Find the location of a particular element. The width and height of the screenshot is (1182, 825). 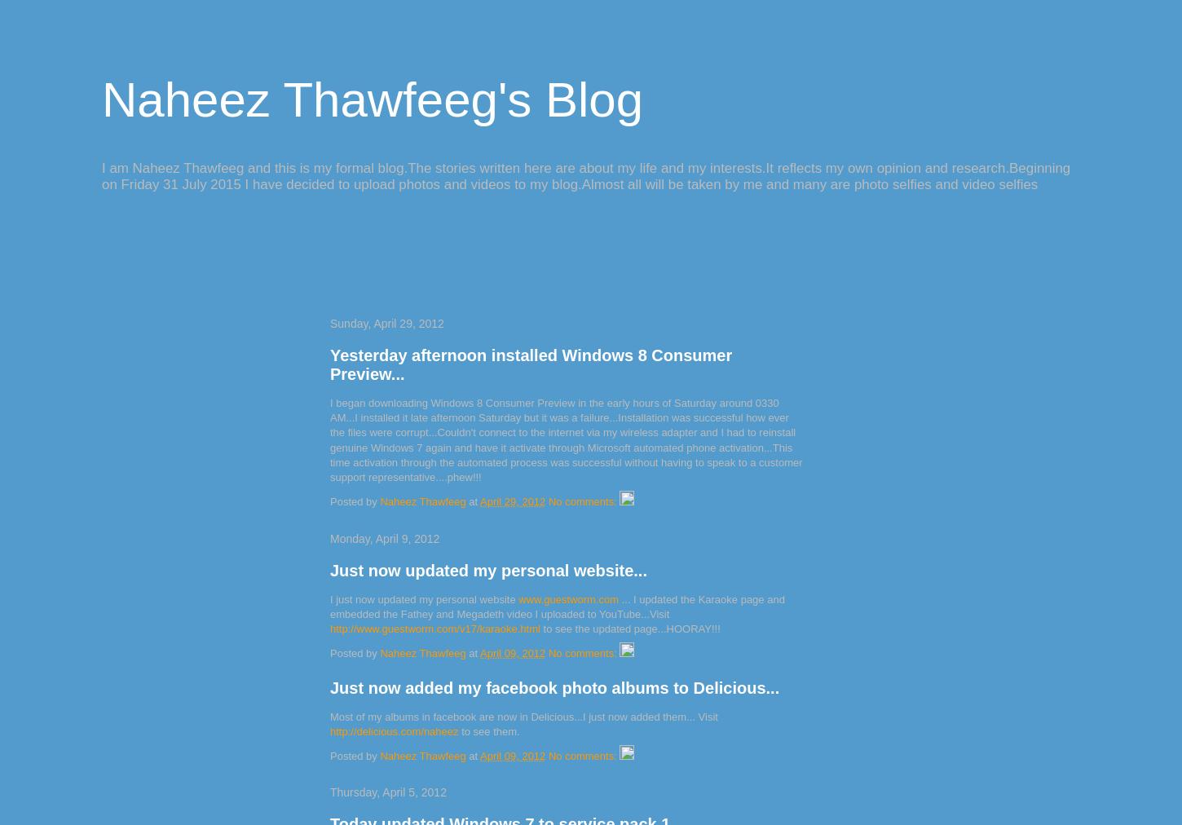

'Thursday, April 5, 2012' is located at coordinates (329, 792).